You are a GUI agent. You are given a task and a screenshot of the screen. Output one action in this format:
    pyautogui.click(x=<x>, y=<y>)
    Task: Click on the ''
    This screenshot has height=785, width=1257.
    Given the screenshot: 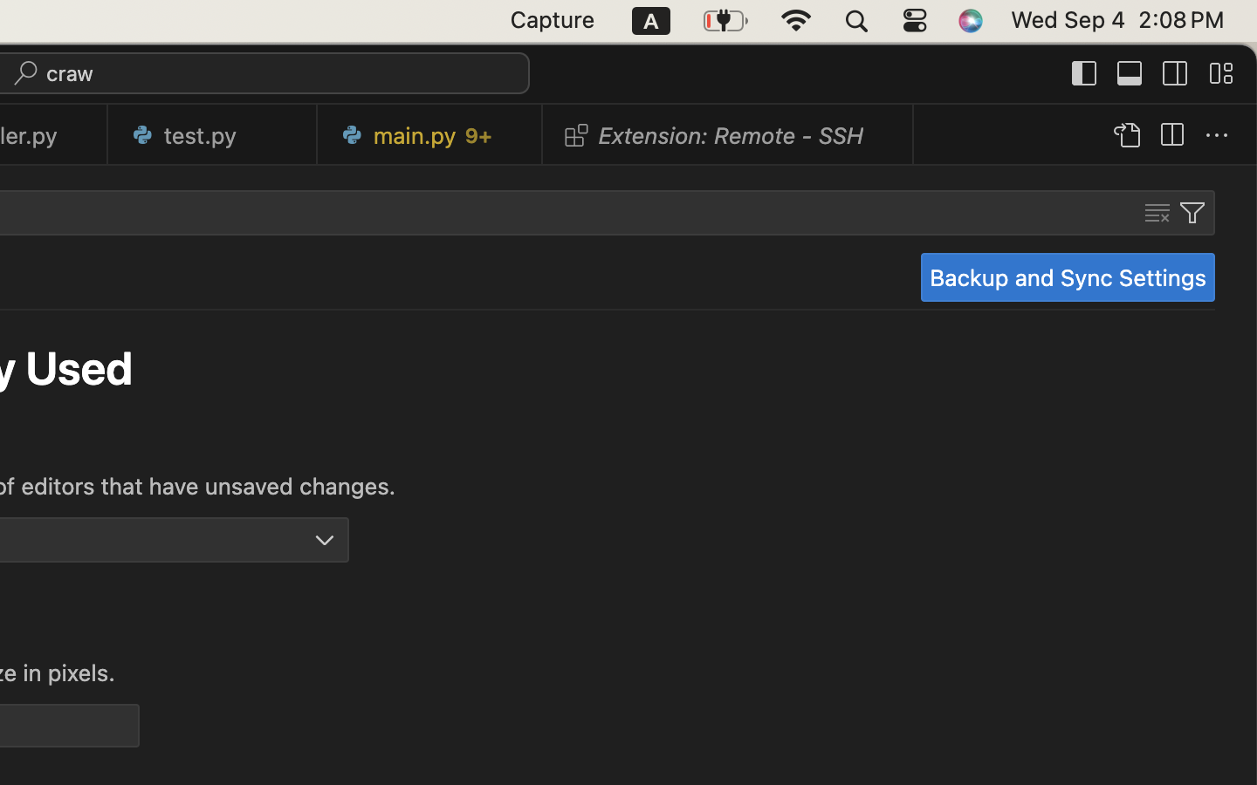 What is the action you would take?
    pyautogui.click(x=1084, y=72)
    